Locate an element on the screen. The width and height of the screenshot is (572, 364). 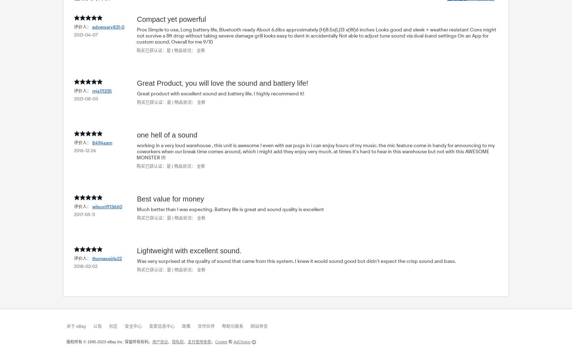
'2017-05-11' is located at coordinates (74, 214).